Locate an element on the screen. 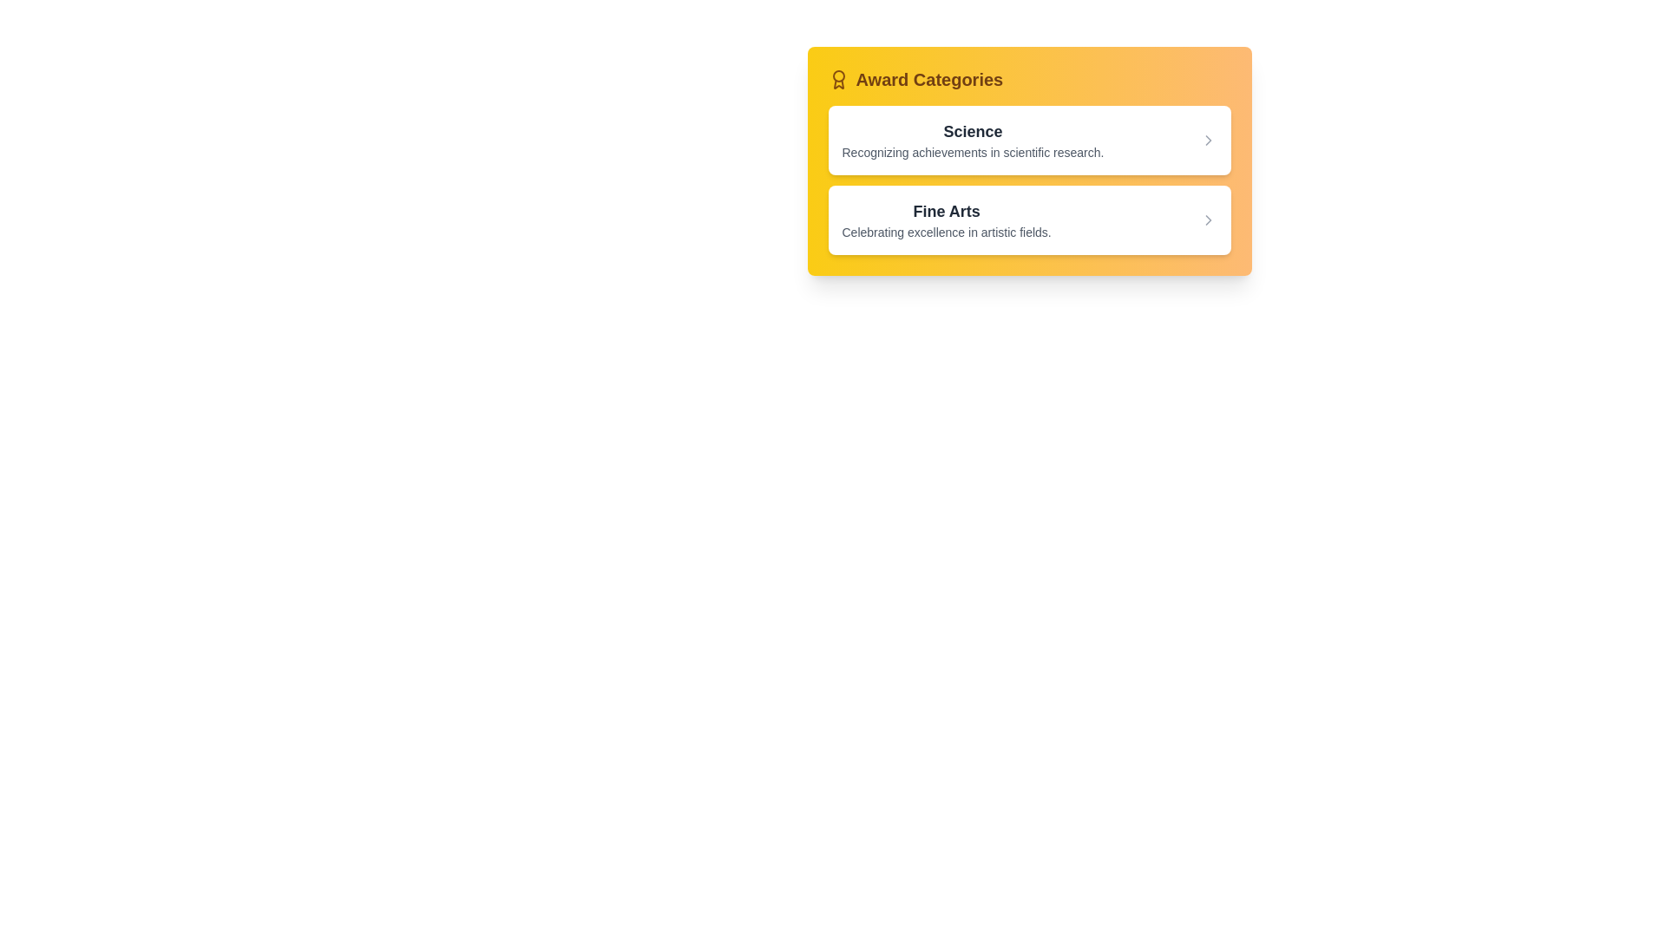 This screenshot has height=937, width=1666. the decorative or functional icon located within the 'Fine Arts' section is located at coordinates (1207, 220).